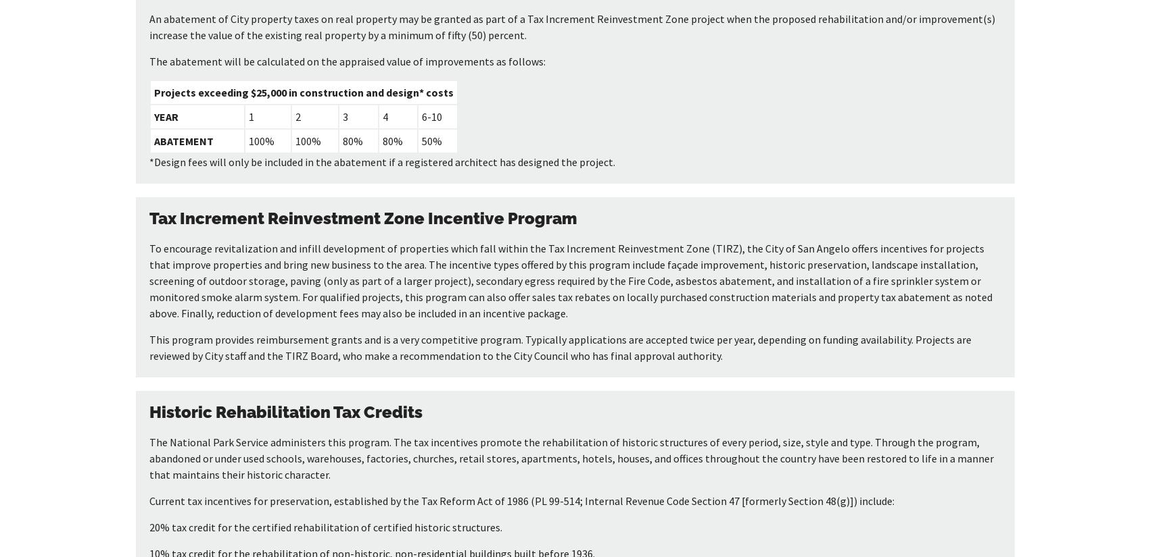 Image resolution: width=1150 pixels, height=557 pixels. What do you see at coordinates (297, 117) in the screenshot?
I see `'2'` at bounding box center [297, 117].